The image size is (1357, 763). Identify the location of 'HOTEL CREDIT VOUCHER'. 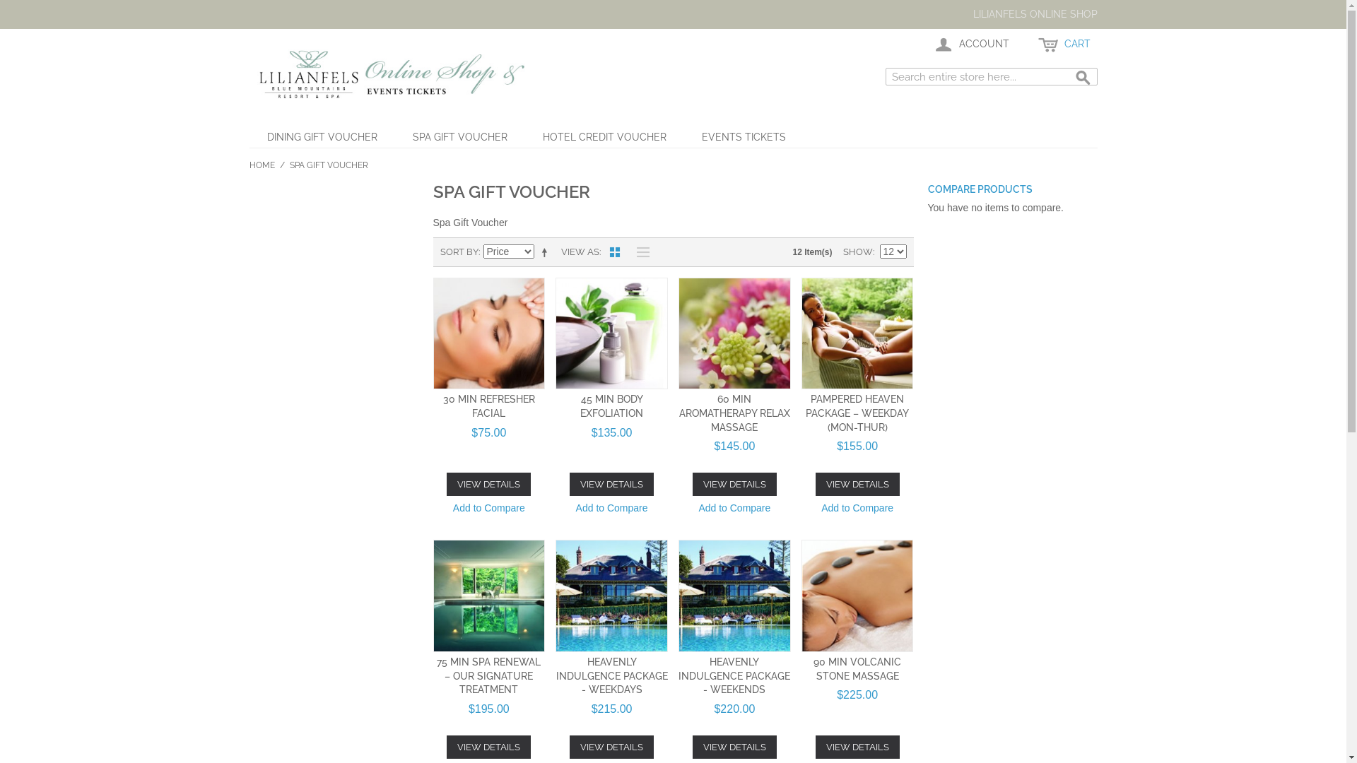
(524, 136).